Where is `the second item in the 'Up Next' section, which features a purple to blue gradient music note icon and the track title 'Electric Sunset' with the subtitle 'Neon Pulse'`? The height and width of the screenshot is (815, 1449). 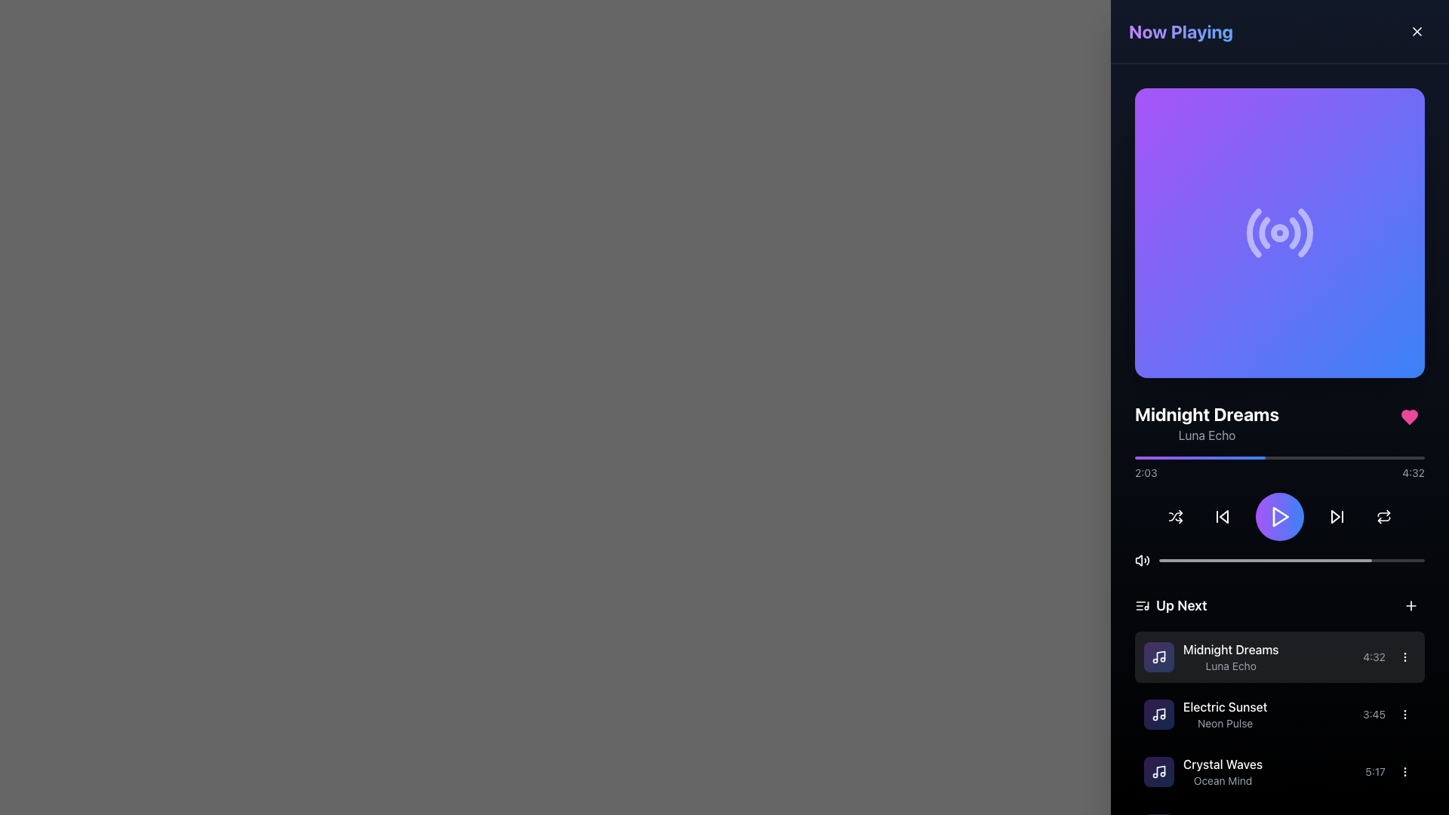 the second item in the 'Up Next' section, which features a purple to blue gradient music note icon and the track title 'Electric Sunset' with the subtitle 'Neon Pulse' is located at coordinates (1204, 714).